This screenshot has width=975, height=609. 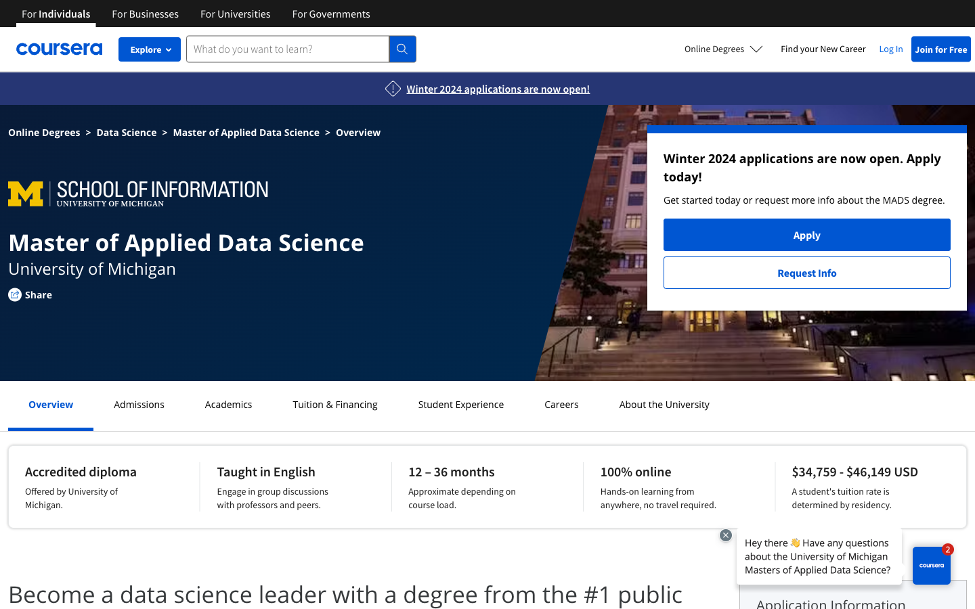 What do you see at coordinates (724, 48) in the screenshot?
I see `Check all online degrees` at bounding box center [724, 48].